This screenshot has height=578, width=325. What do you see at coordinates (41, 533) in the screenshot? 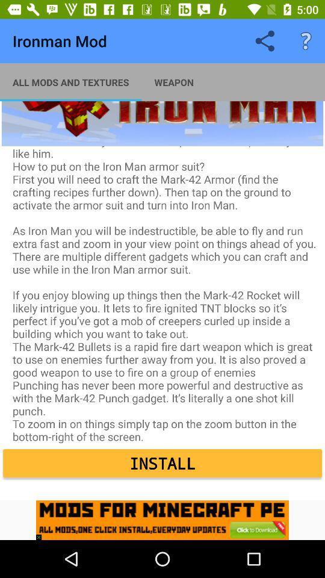
I see `icon at the bottom left corner` at bounding box center [41, 533].